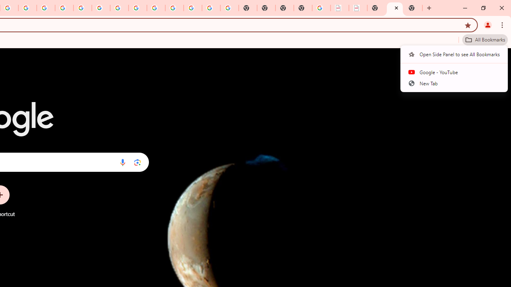  I want to click on 'Search by image', so click(137, 162).